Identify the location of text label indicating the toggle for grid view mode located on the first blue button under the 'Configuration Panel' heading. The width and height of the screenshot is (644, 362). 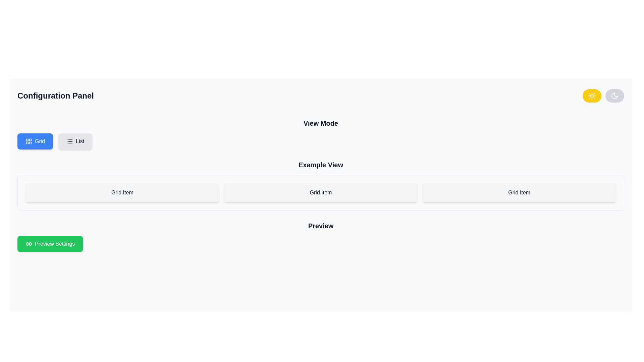
(40, 141).